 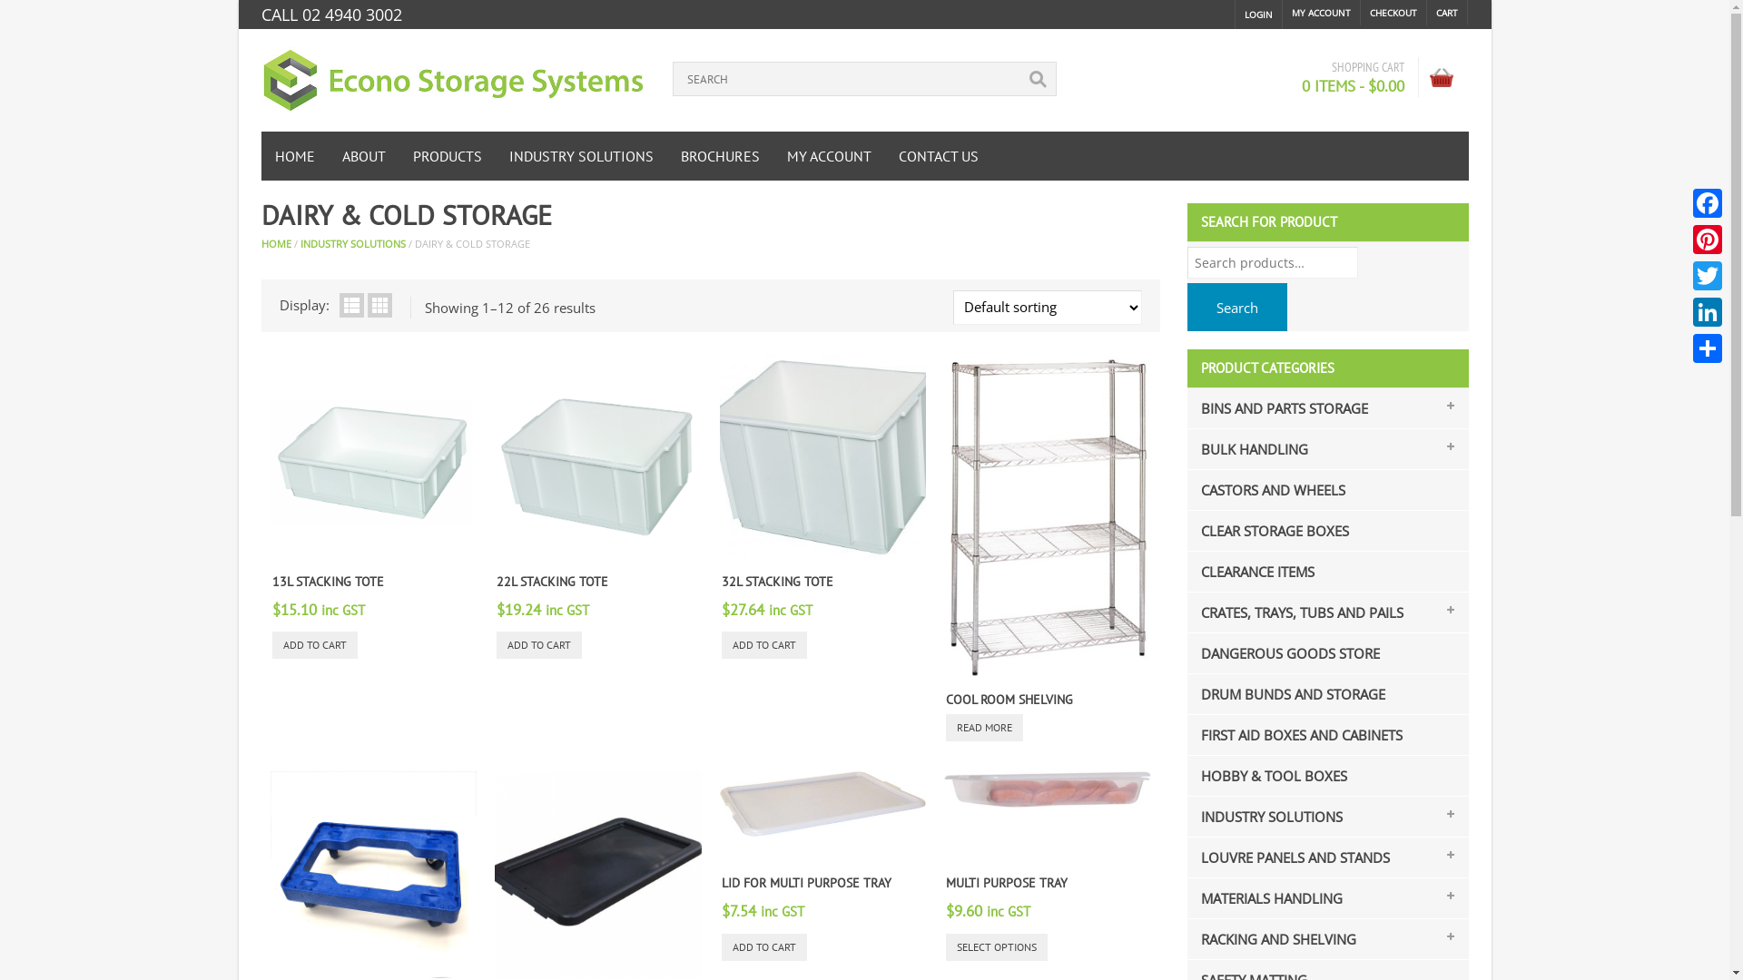 I want to click on 'CONTACT US', so click(x=937, y=155).